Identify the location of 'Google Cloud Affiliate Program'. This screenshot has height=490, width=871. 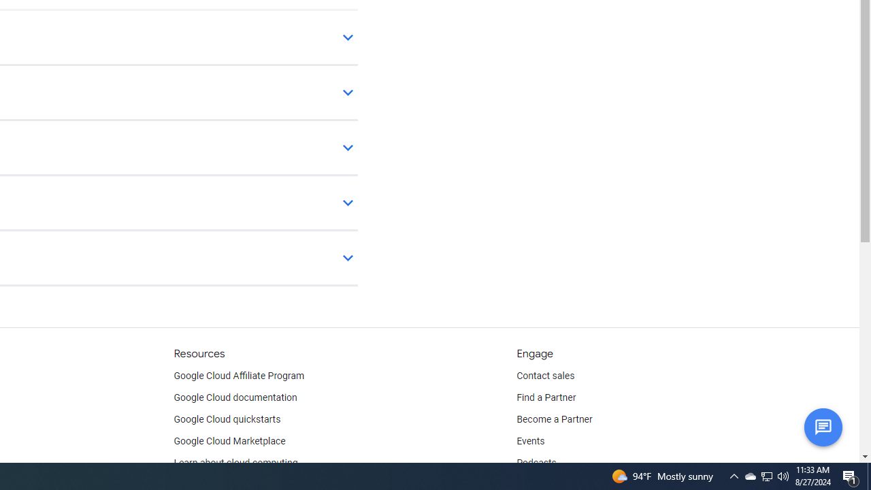
(239, 376).